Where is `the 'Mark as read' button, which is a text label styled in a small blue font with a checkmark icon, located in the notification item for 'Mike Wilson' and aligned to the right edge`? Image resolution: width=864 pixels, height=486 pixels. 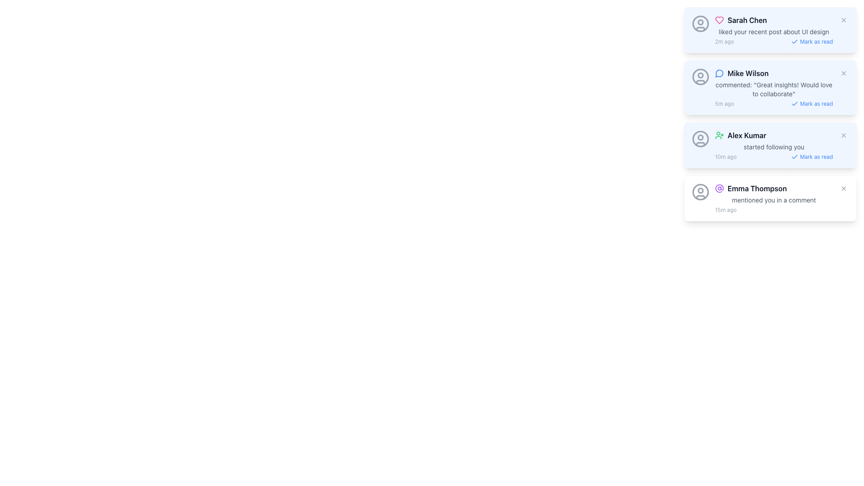
the 'Mark as read' button, which is a text label styled in a small blue font with a checkmark icon, located in the notification item for 'Mike Wilson' and aligned to the right edge is located at coordinates (812, 103).